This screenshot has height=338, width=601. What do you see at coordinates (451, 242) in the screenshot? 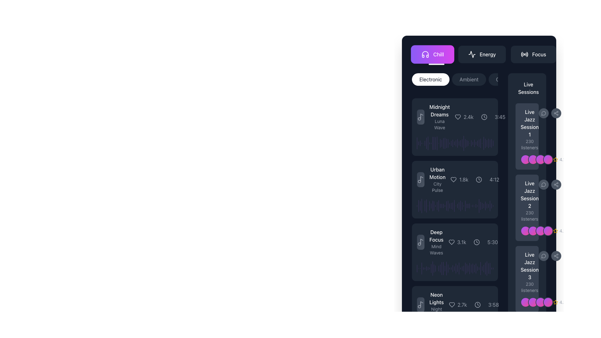
I see `the heart icon adjacent to the 'Deep Focus' text` at bounding box center [451, 242].